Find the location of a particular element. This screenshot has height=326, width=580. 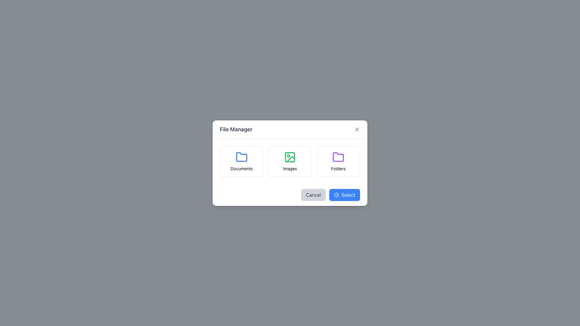

the close button located to the far right of the modal header, following the text 'File Manager' is located at coordinates (357, 129).